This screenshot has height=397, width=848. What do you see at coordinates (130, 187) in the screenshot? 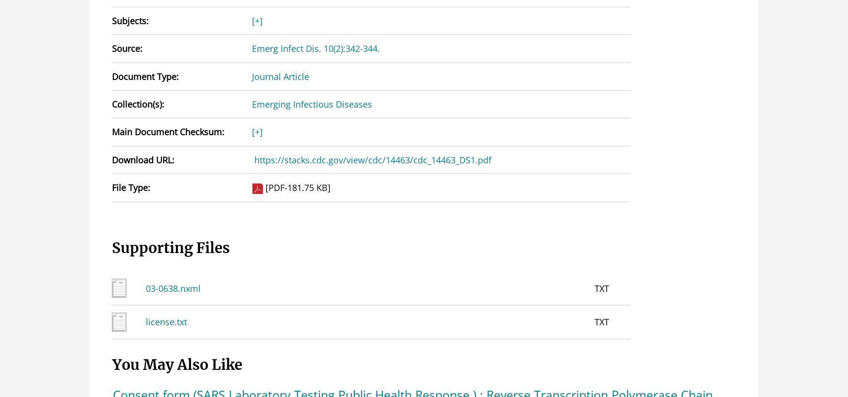
I see `'File Type:'` at bounding box center [130, 187].